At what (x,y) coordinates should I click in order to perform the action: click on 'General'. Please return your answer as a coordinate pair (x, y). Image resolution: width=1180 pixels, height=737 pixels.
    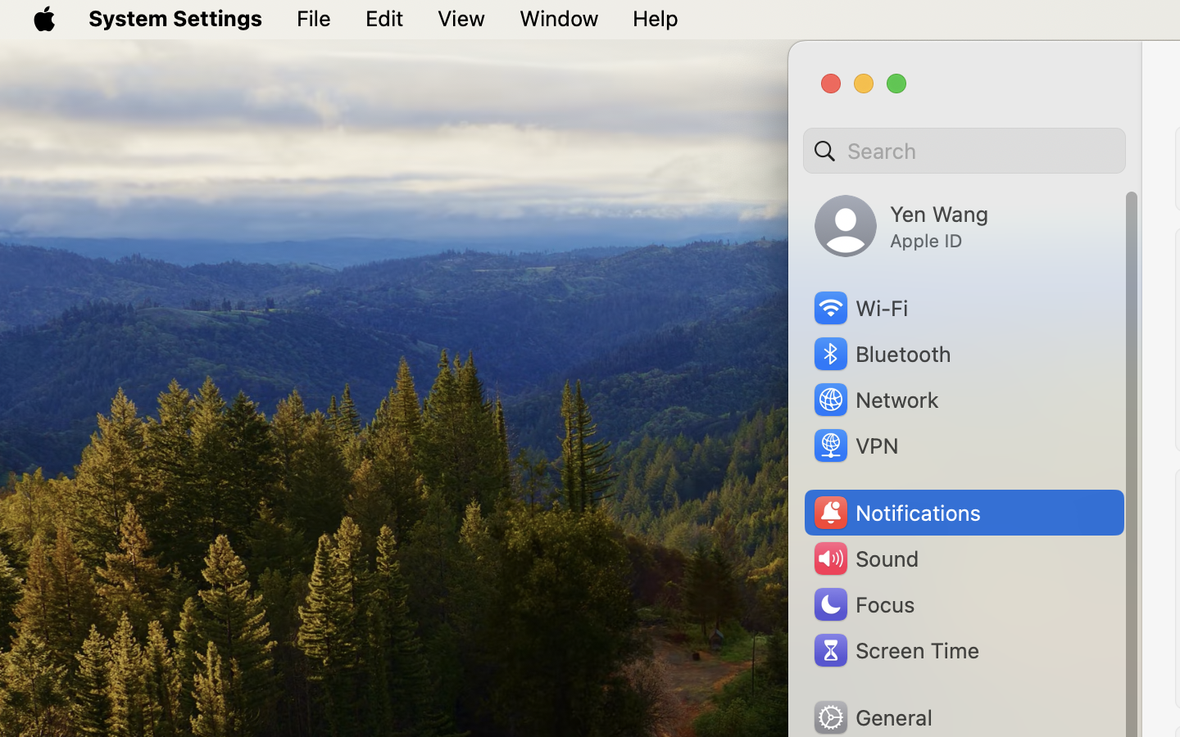
    Looking at the image, I should click on (872, 717).